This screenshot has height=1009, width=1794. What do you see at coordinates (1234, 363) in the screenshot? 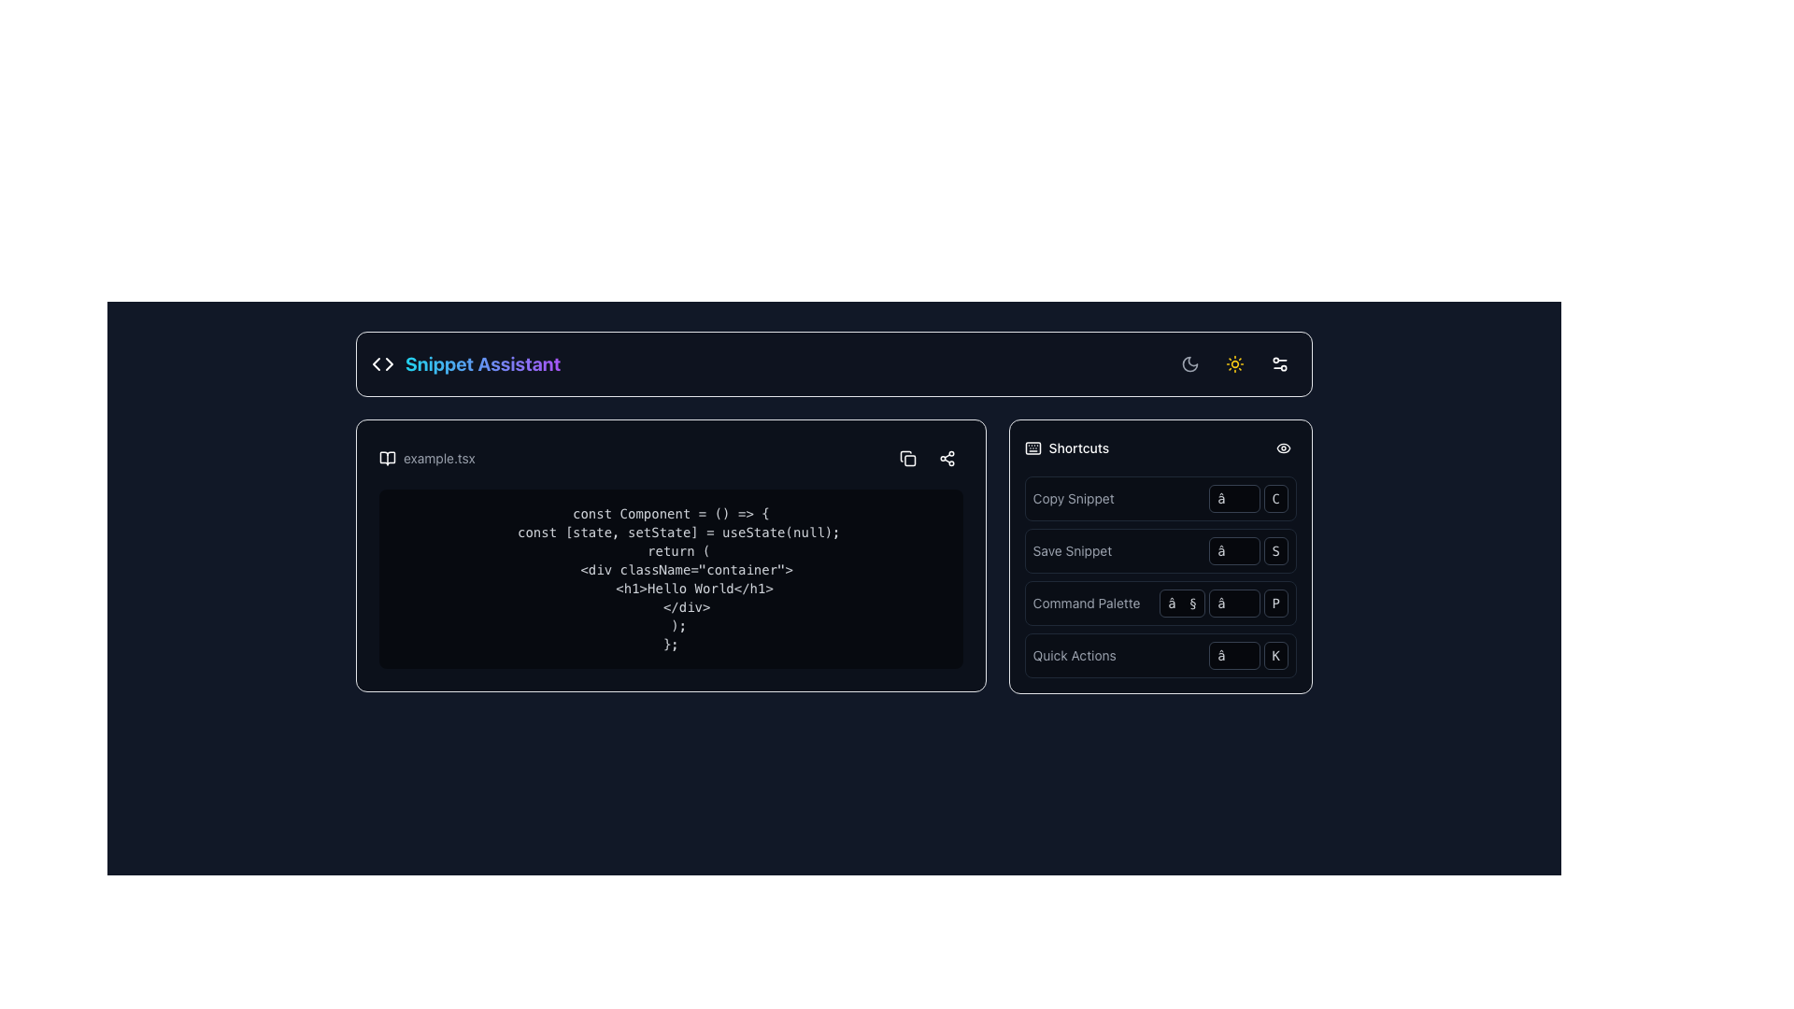
I see `the light mode toggle button located between the moon icon and the settings icon at the top-right corner of the interface` at bounding box center [1234, 363].